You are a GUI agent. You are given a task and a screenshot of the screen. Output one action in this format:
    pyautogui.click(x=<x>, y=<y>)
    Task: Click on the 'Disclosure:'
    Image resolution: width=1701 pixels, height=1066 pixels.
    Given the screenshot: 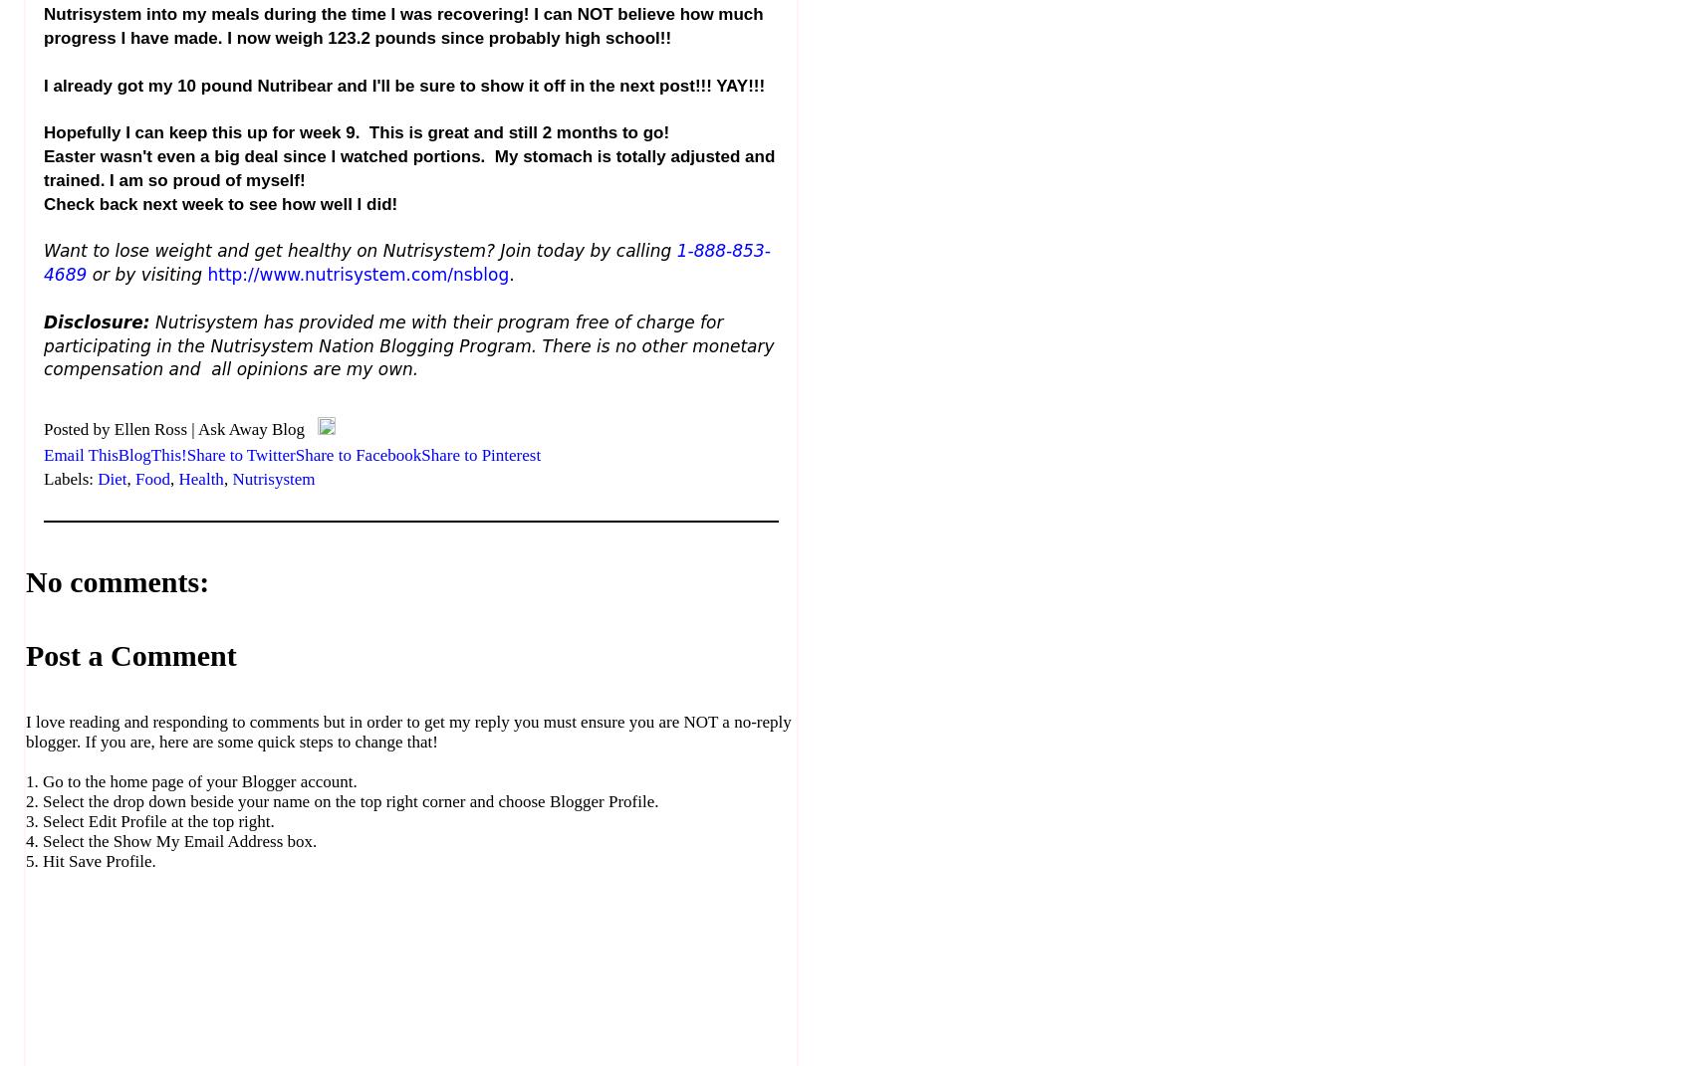 What is the action you would take?
    pyautogui.click(x=97, y=320)
    